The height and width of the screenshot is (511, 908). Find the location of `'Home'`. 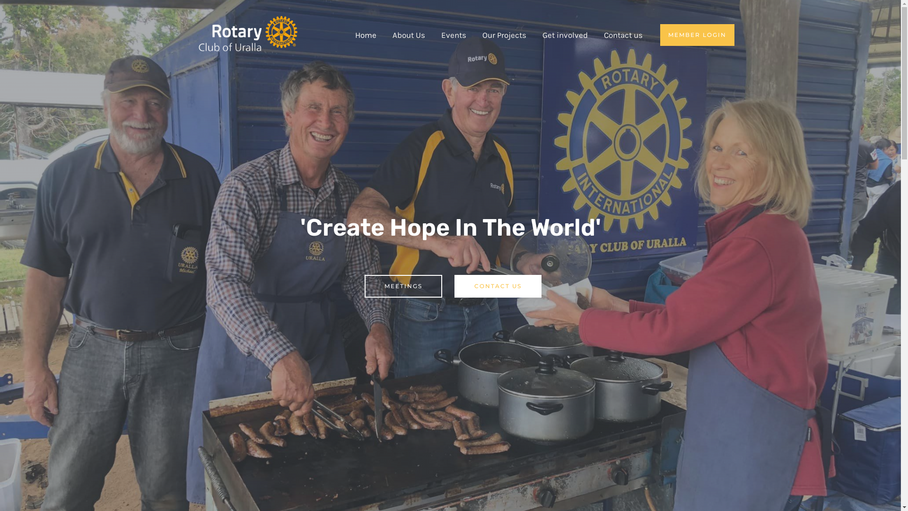

'Home' is located at coordinates (365, 34).